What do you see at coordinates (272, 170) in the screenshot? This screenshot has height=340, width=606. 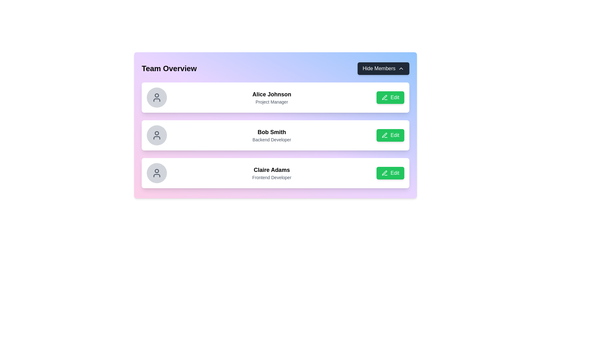 I see `the text label displaying 'Claire Adams', which is the title in a card positioned in the center area of the user interface` at bounding box center [272, 170].